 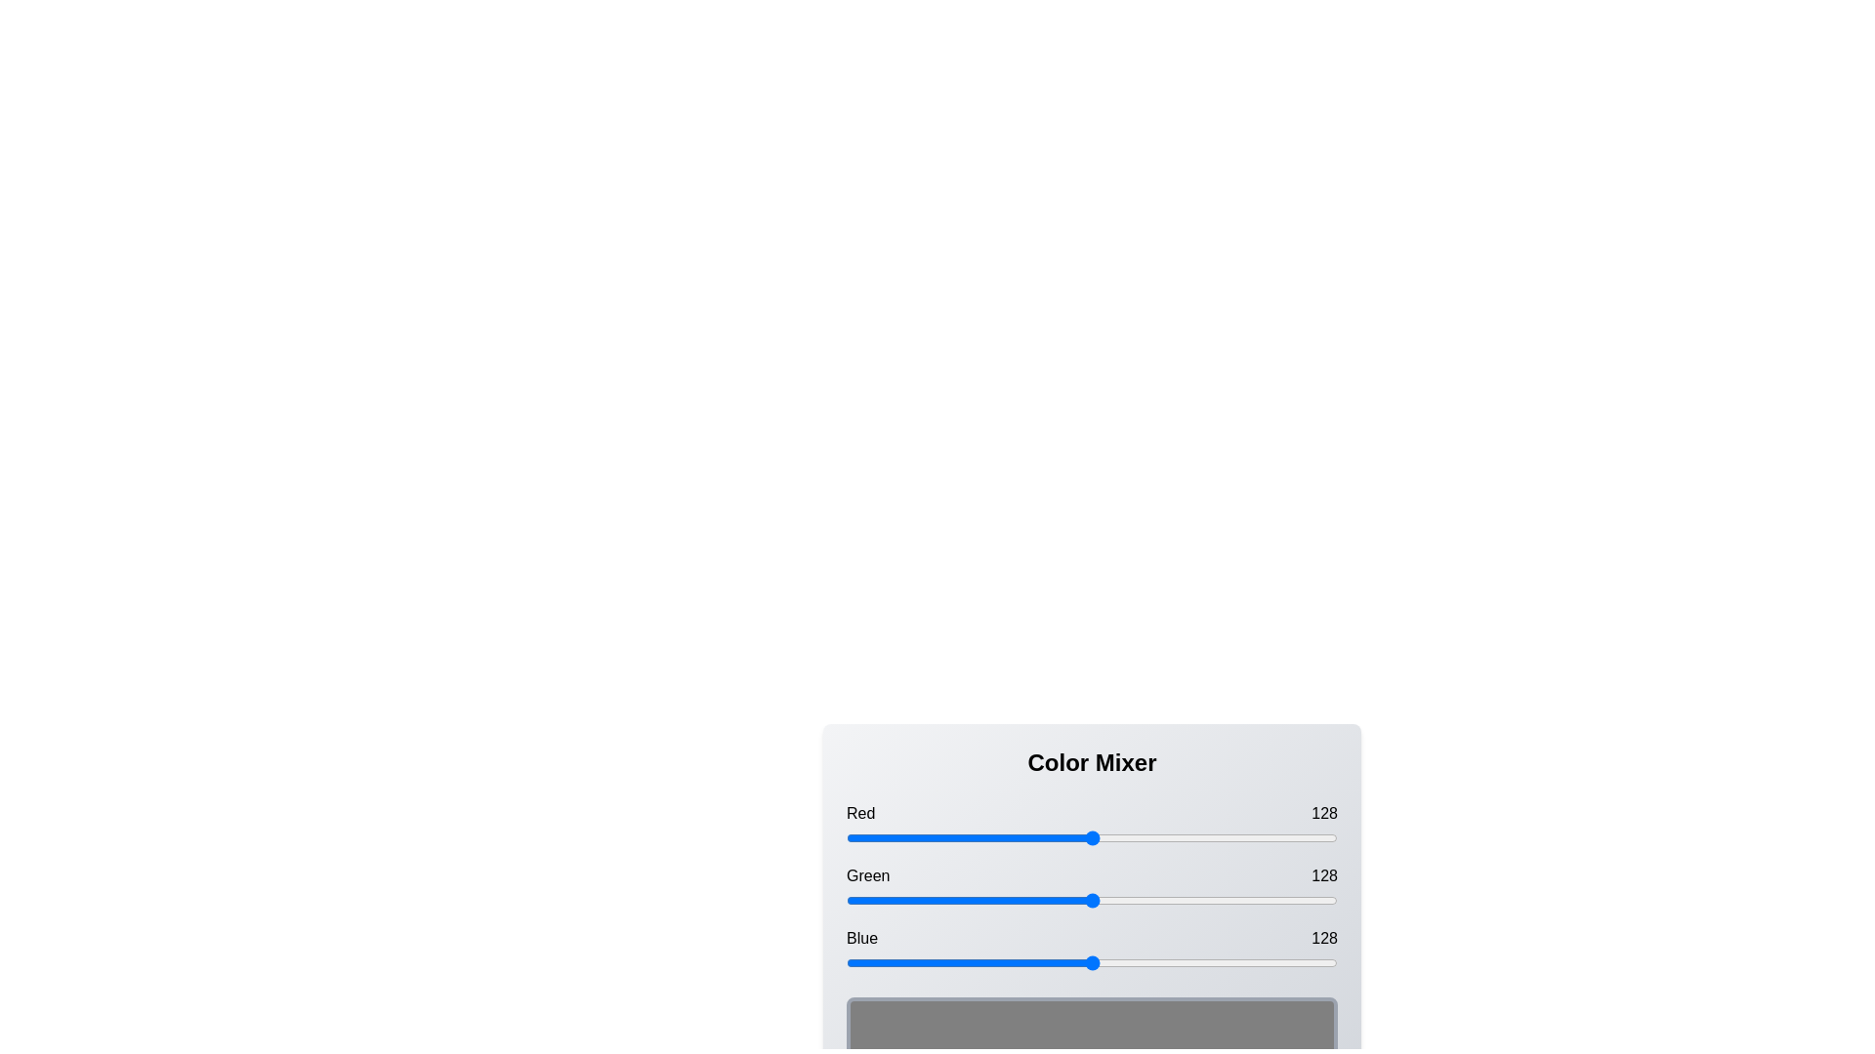 What do you see at coordinates (1244, 900) in the screenshot?
I see `the green slider to set its value to 207` at bounding box center [1244, 900].